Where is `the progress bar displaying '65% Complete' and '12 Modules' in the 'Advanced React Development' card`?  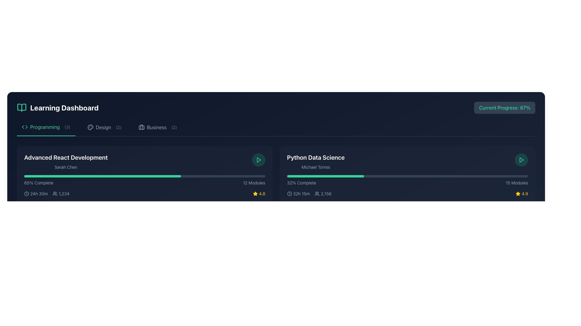
the progress bar displaying '65% Complete' and '12 Modules' in the 'Advanced React Development' card is located at coordinates (144, 180).